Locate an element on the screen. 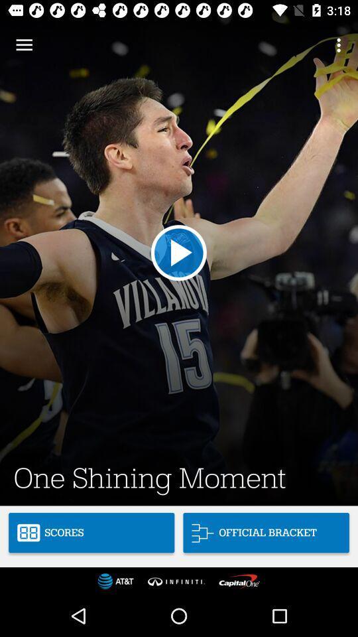  item next to official bracket icon is located at coordinates (91, 533).